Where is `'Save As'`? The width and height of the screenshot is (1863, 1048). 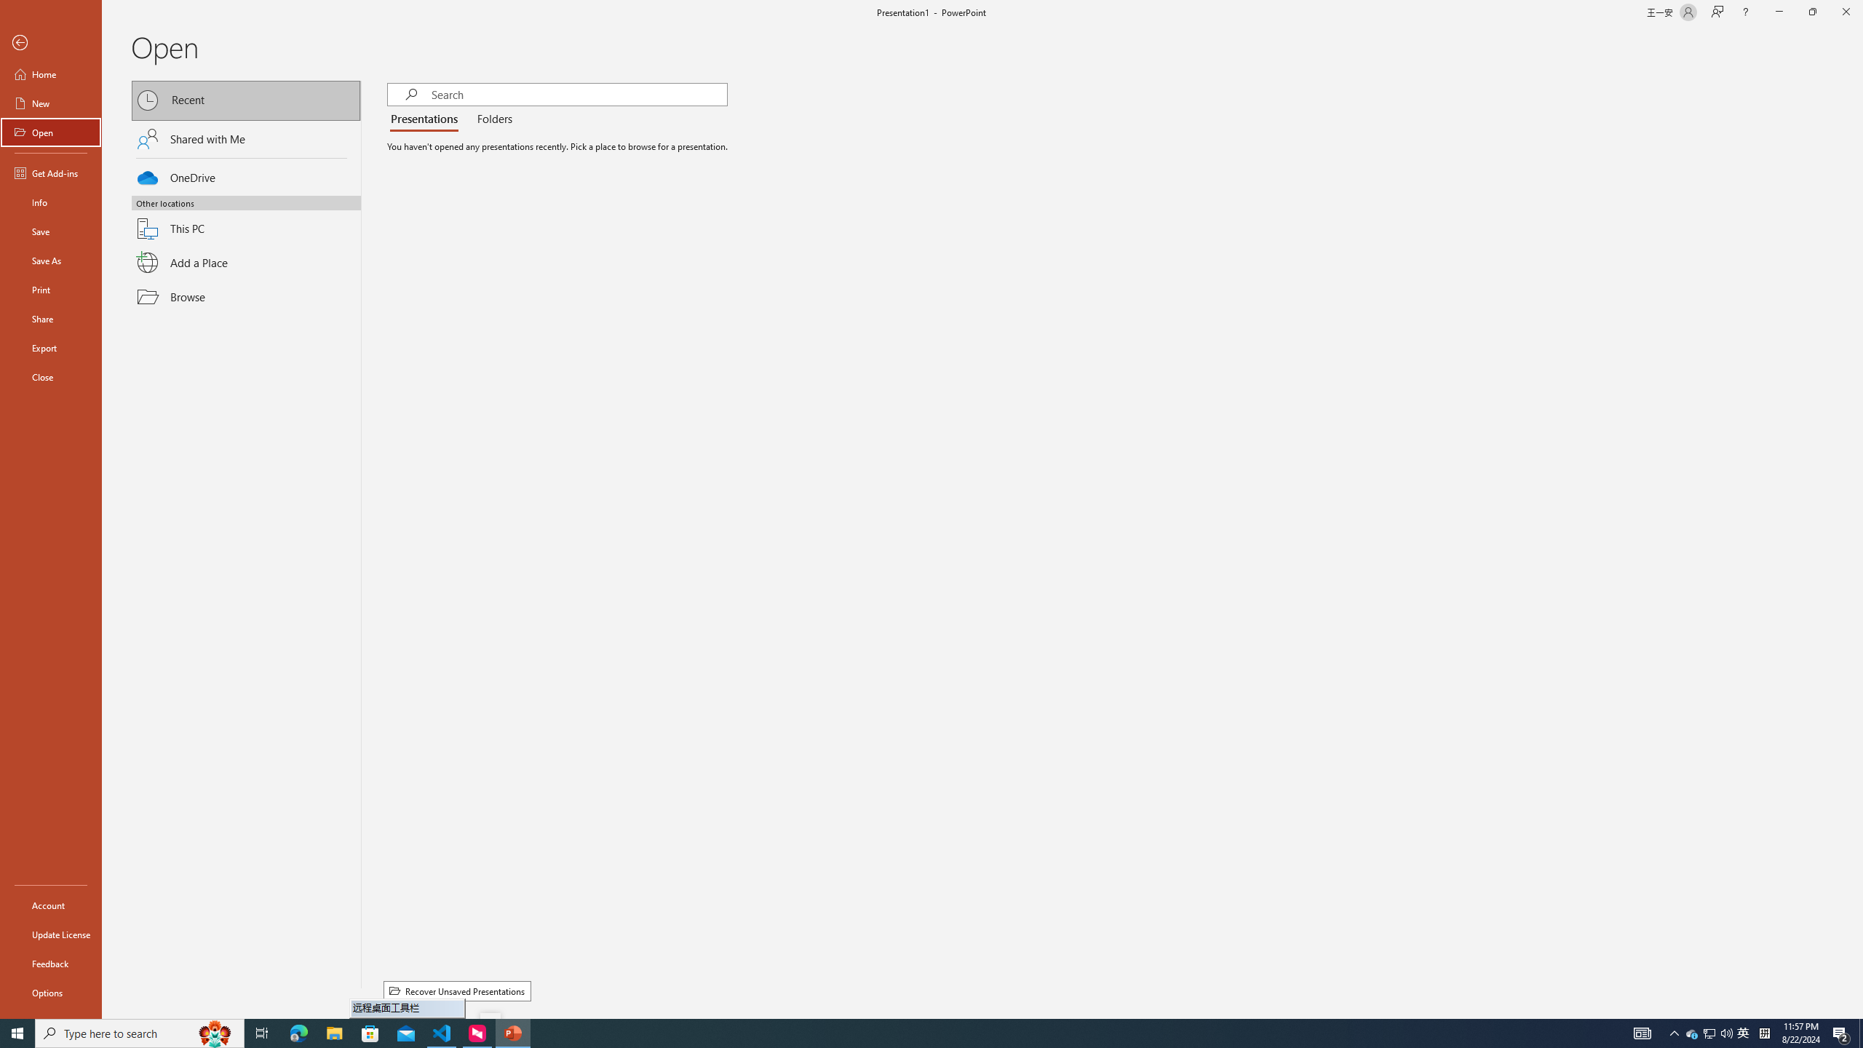
'Save As' is located at coordinates (50, 259).